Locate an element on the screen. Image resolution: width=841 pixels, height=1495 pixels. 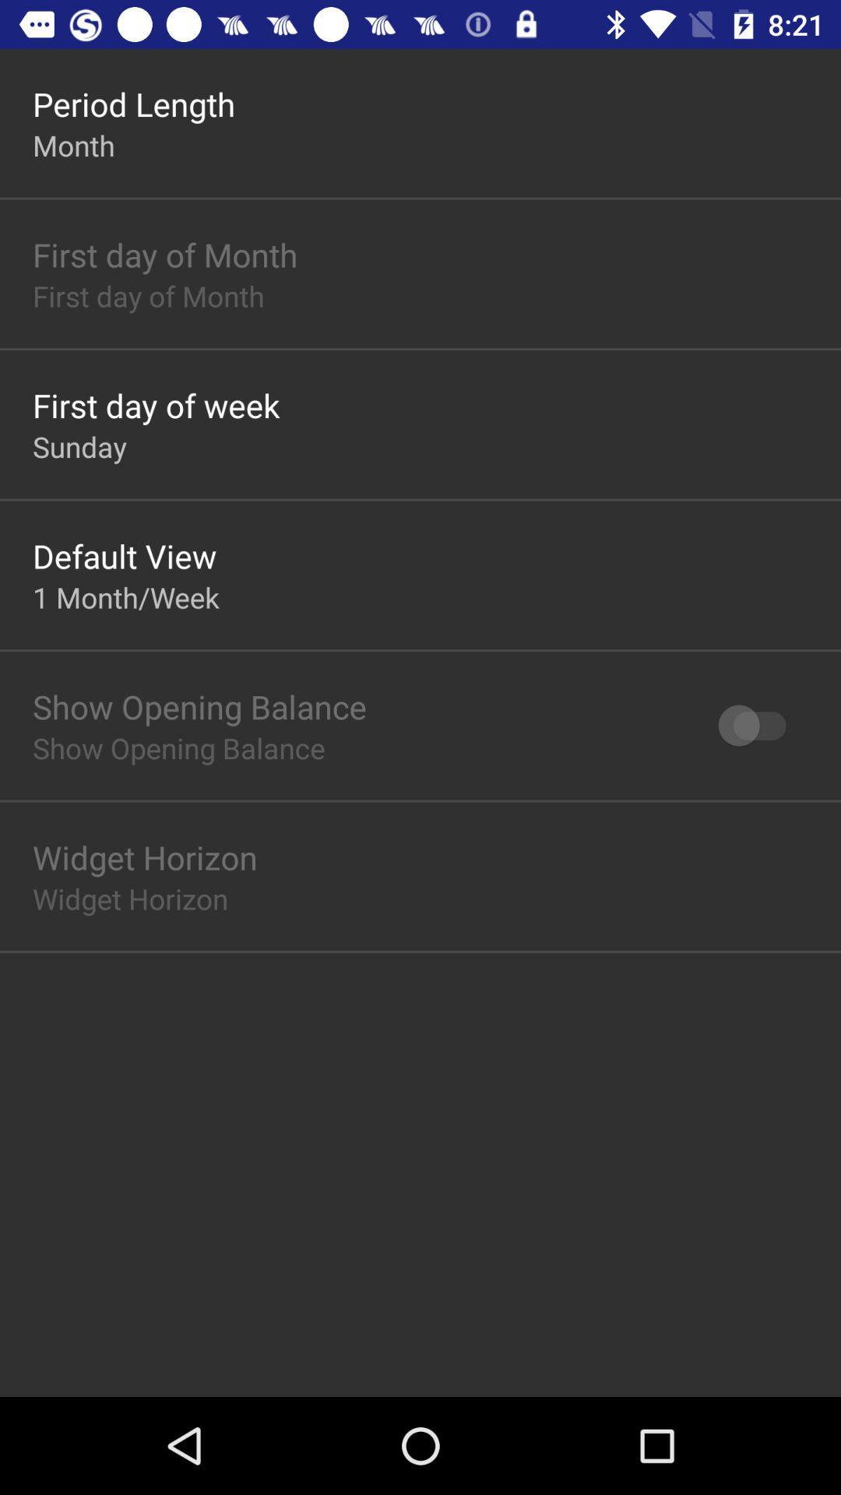
the item above the show opening balance icon is located at coordinates (125, 596).